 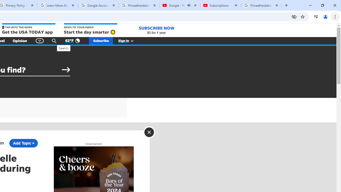 What do you see at coordinates (101, 41) in the screenshot?
I see `'Subscribe'` at bounding box center [101, 41].